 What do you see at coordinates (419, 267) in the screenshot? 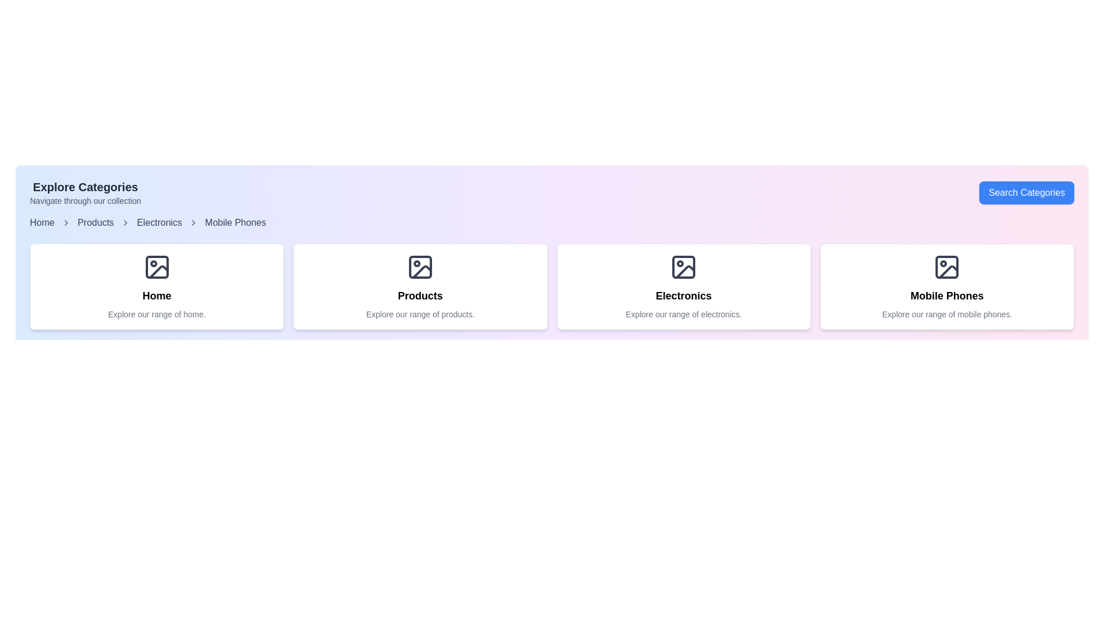
I see `the decorative rectangle with rounded corners that visually represents a product category, located centrally within the second card from the left` at bounding box center [419, 267].